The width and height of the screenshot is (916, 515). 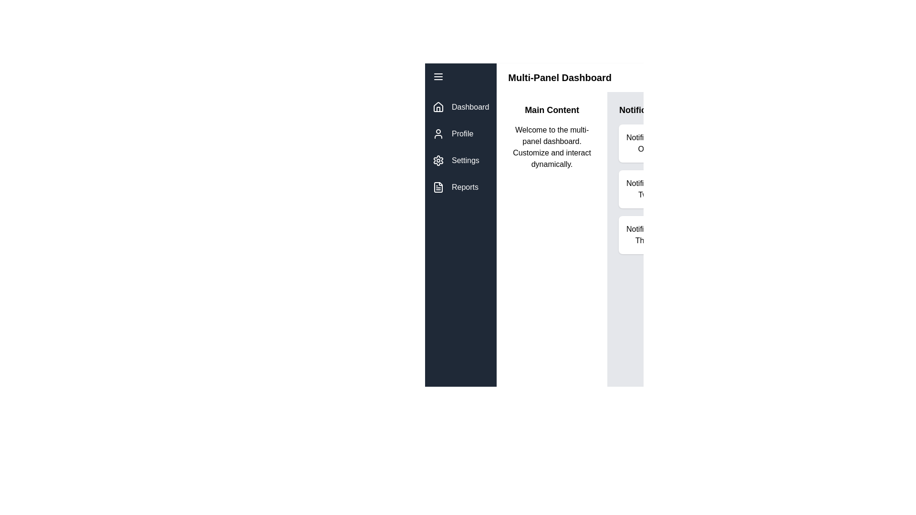 What do you see at coordinates (470, 107) in the screenshot?
I see `the 'Dashboard' text label in the navigation menu to trigger additional effects or tooltips` at bounding box center [470, 107].